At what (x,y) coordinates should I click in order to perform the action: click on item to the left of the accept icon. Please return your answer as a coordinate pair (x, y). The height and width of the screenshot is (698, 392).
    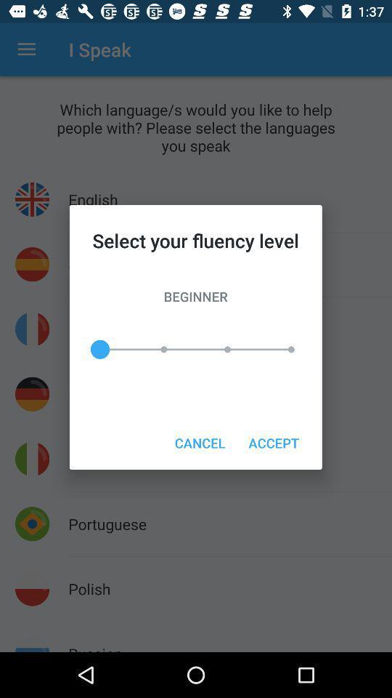
    Looking at the image, I should click on (199, 442).